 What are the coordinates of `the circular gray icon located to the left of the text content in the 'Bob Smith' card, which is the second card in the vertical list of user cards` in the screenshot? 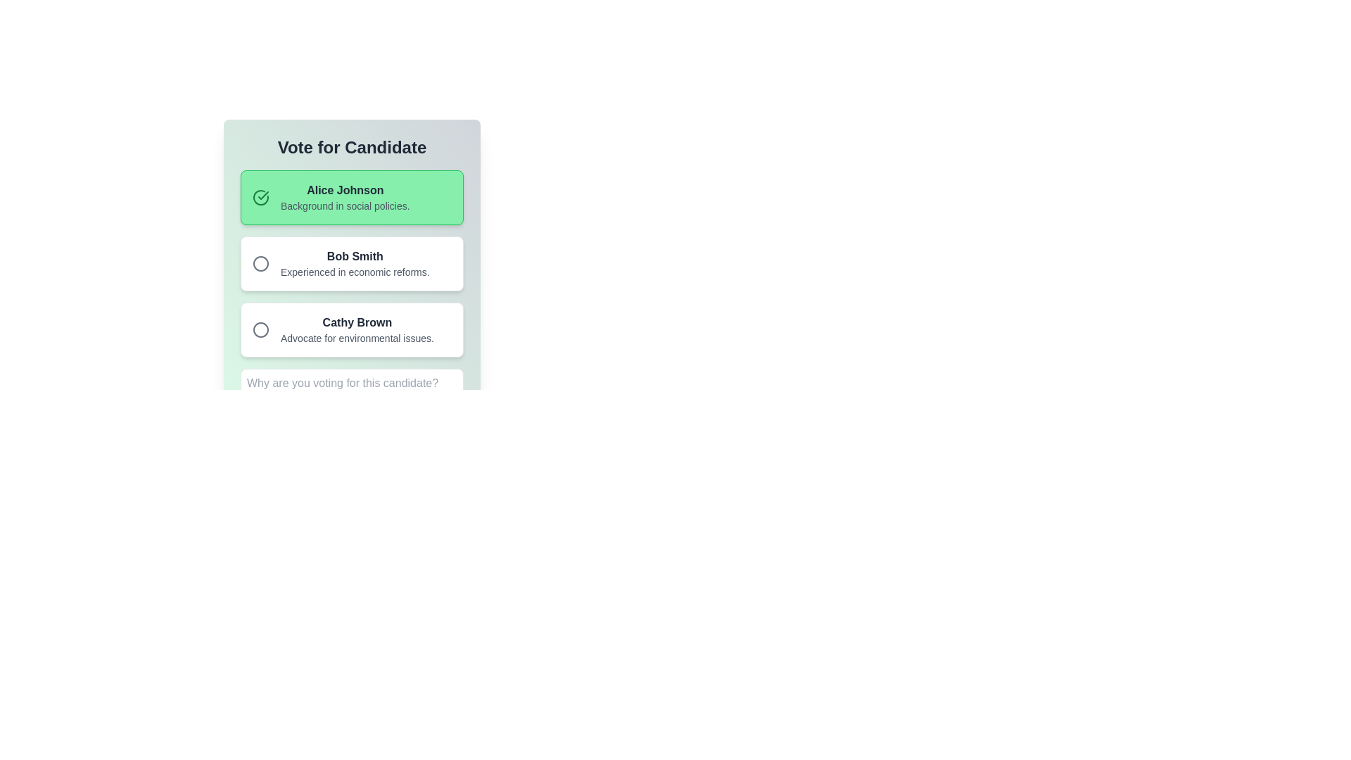 It's located at (260, 263).